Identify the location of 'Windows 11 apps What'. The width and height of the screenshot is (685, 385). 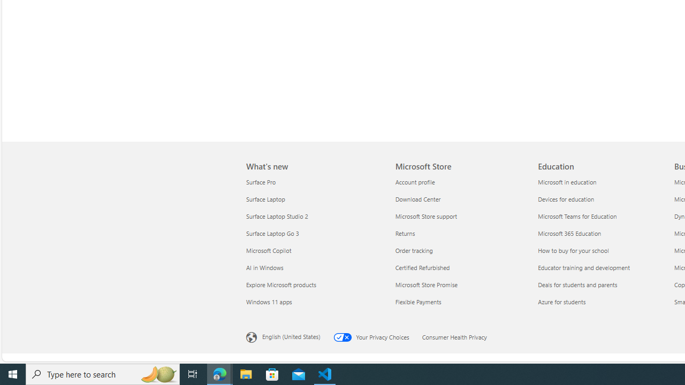
(269, 301).